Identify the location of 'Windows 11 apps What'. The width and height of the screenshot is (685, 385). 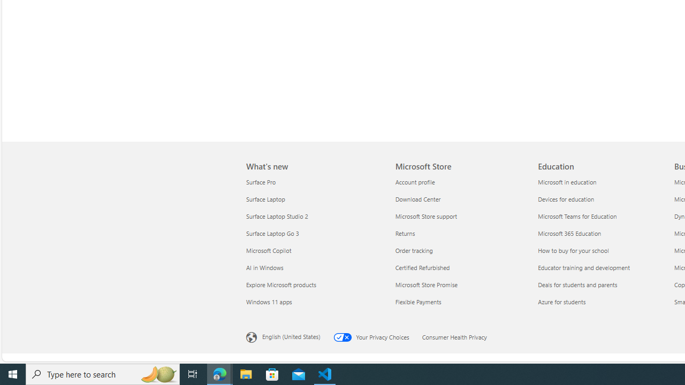
(269, 301).